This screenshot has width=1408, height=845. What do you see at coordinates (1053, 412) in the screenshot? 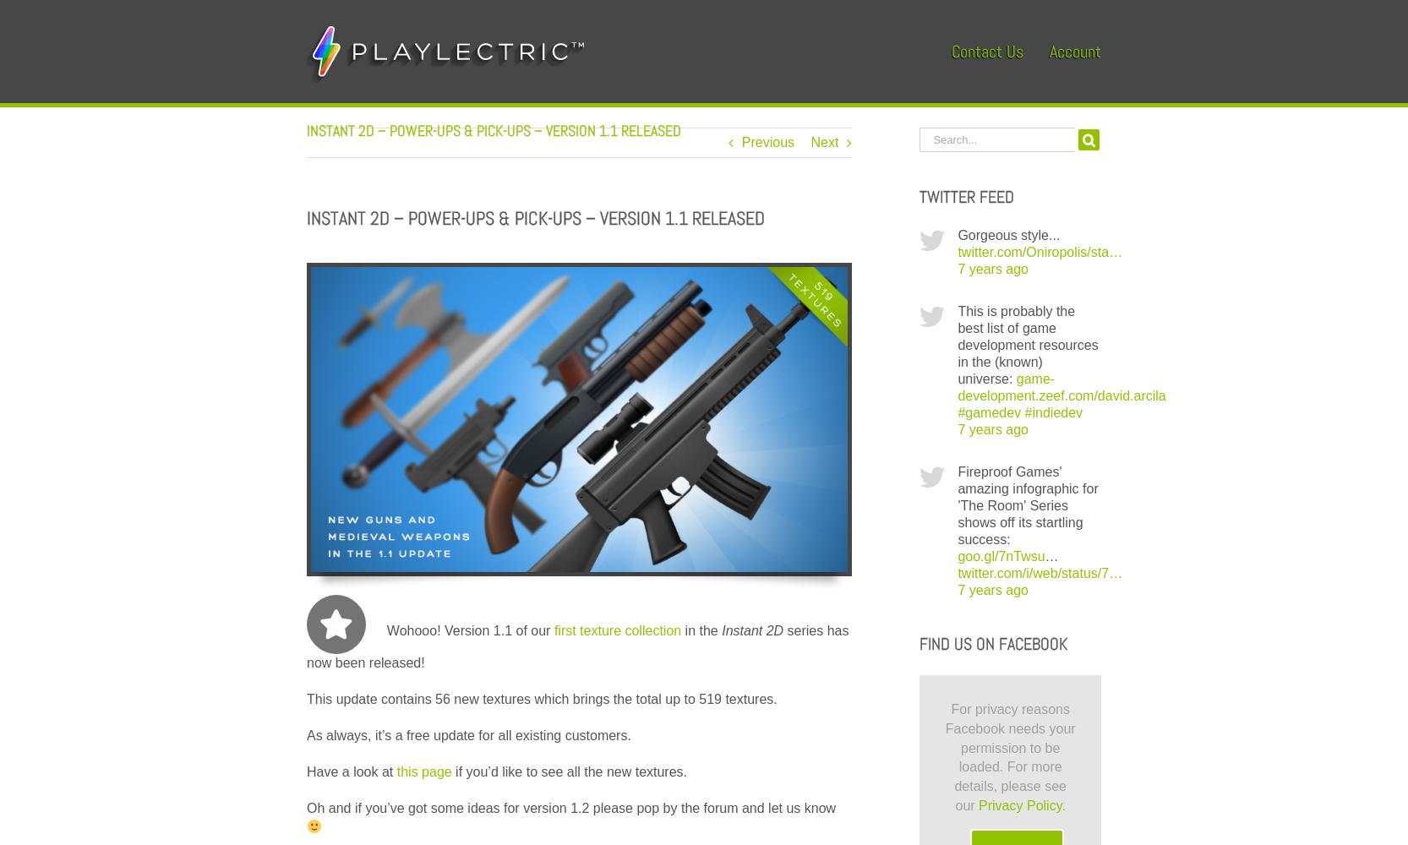
I see `'#indiedev'` at bounding box center [1053, 412].